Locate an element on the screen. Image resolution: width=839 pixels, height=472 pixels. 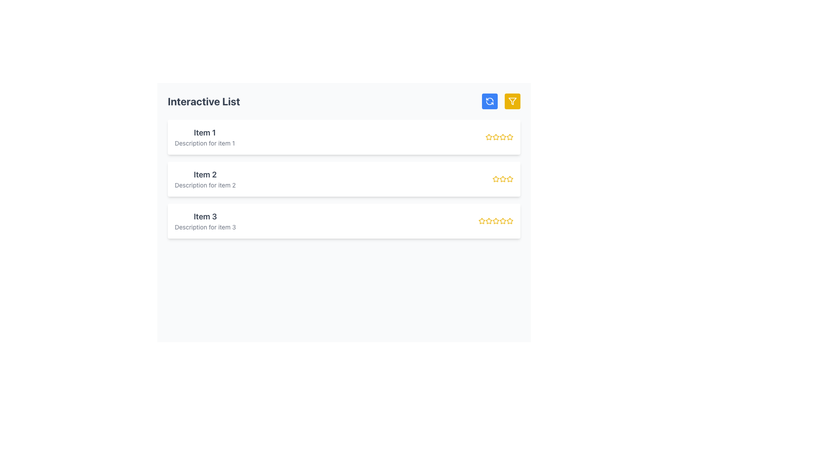
the second gold-colored star icon in the five-star rating component under 'Item 3' is located at coordinates (488, 220).